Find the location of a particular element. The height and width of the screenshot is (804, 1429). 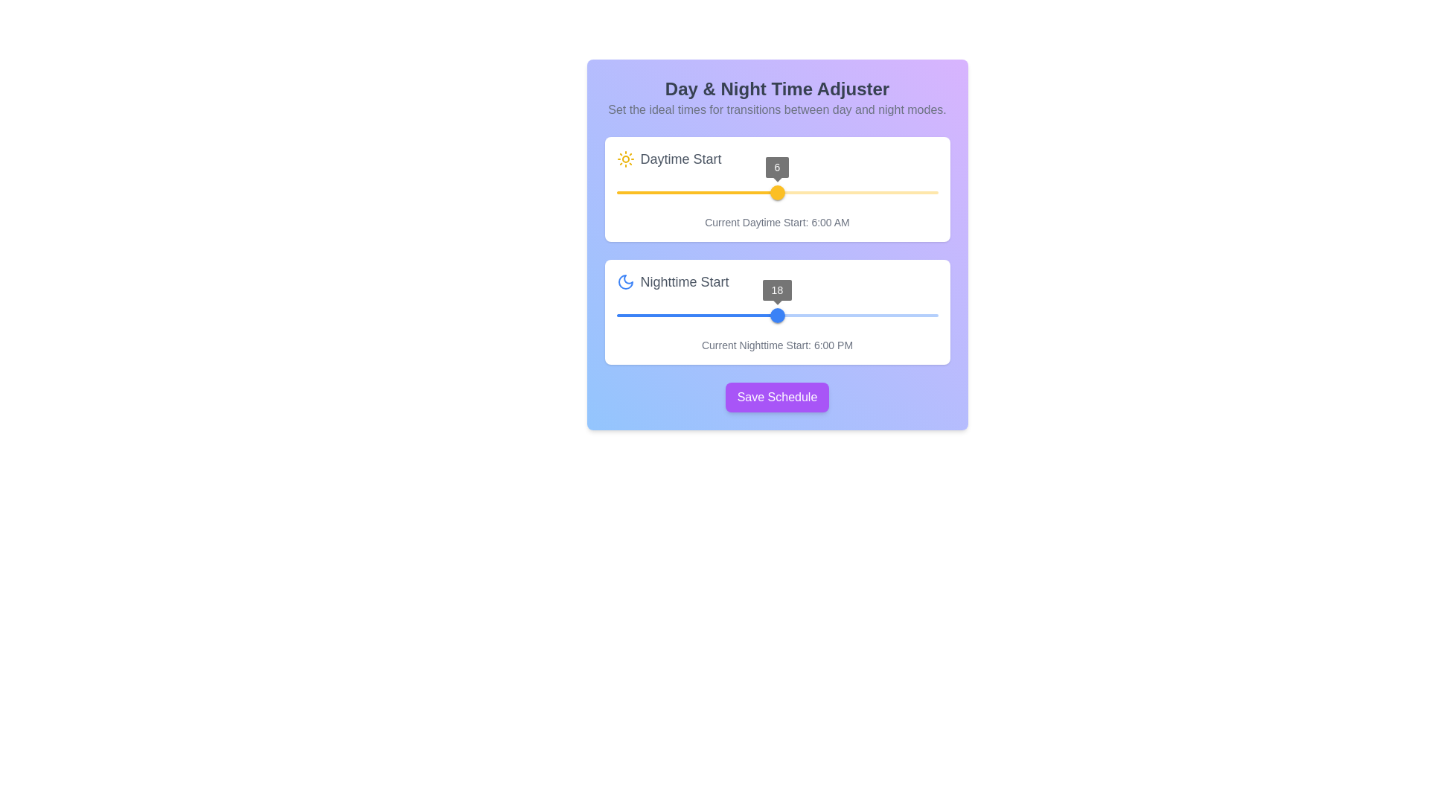

the daytime start is located at coordinates (723, 191).